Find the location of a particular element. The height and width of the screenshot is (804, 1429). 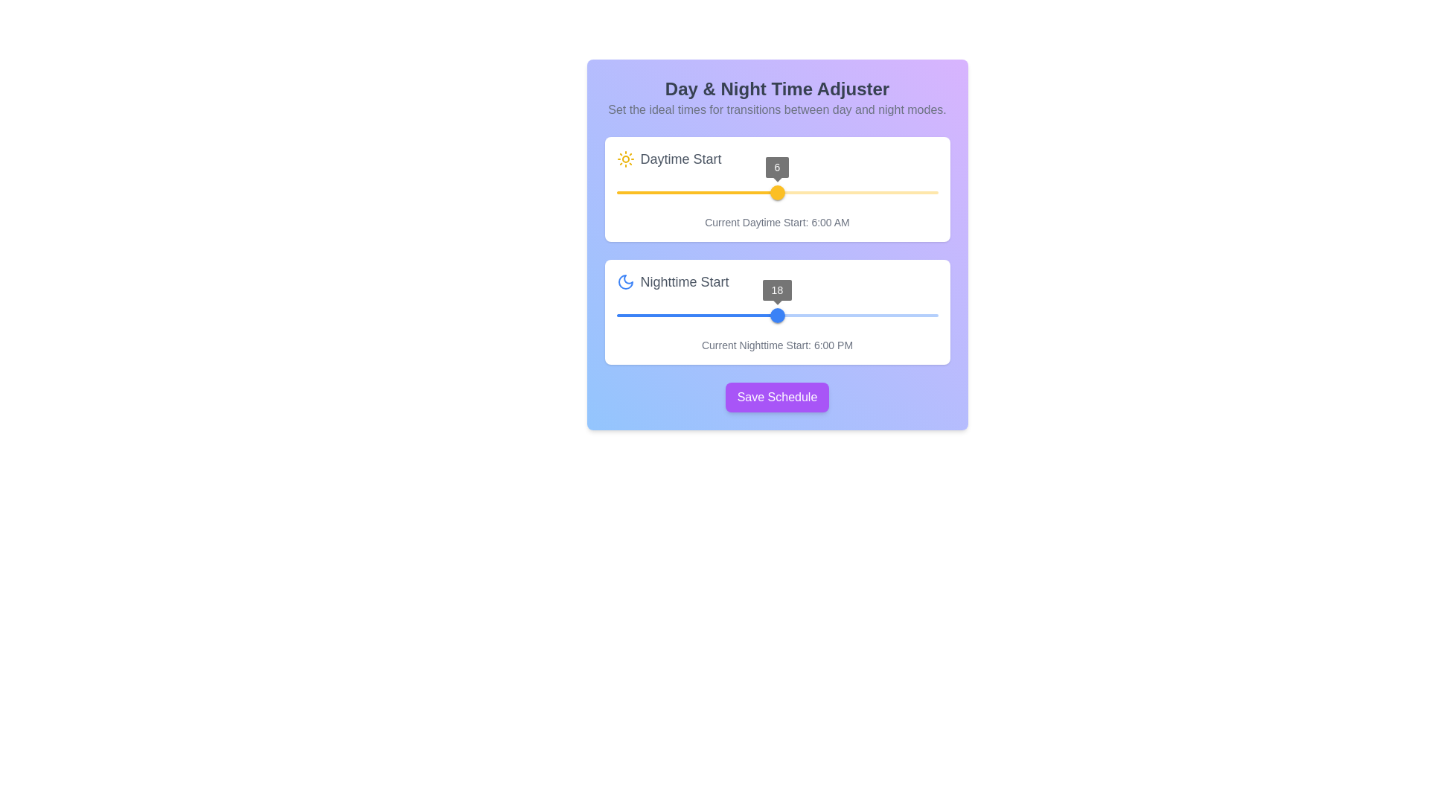

the daytime start is located at coordinates (723, 191).